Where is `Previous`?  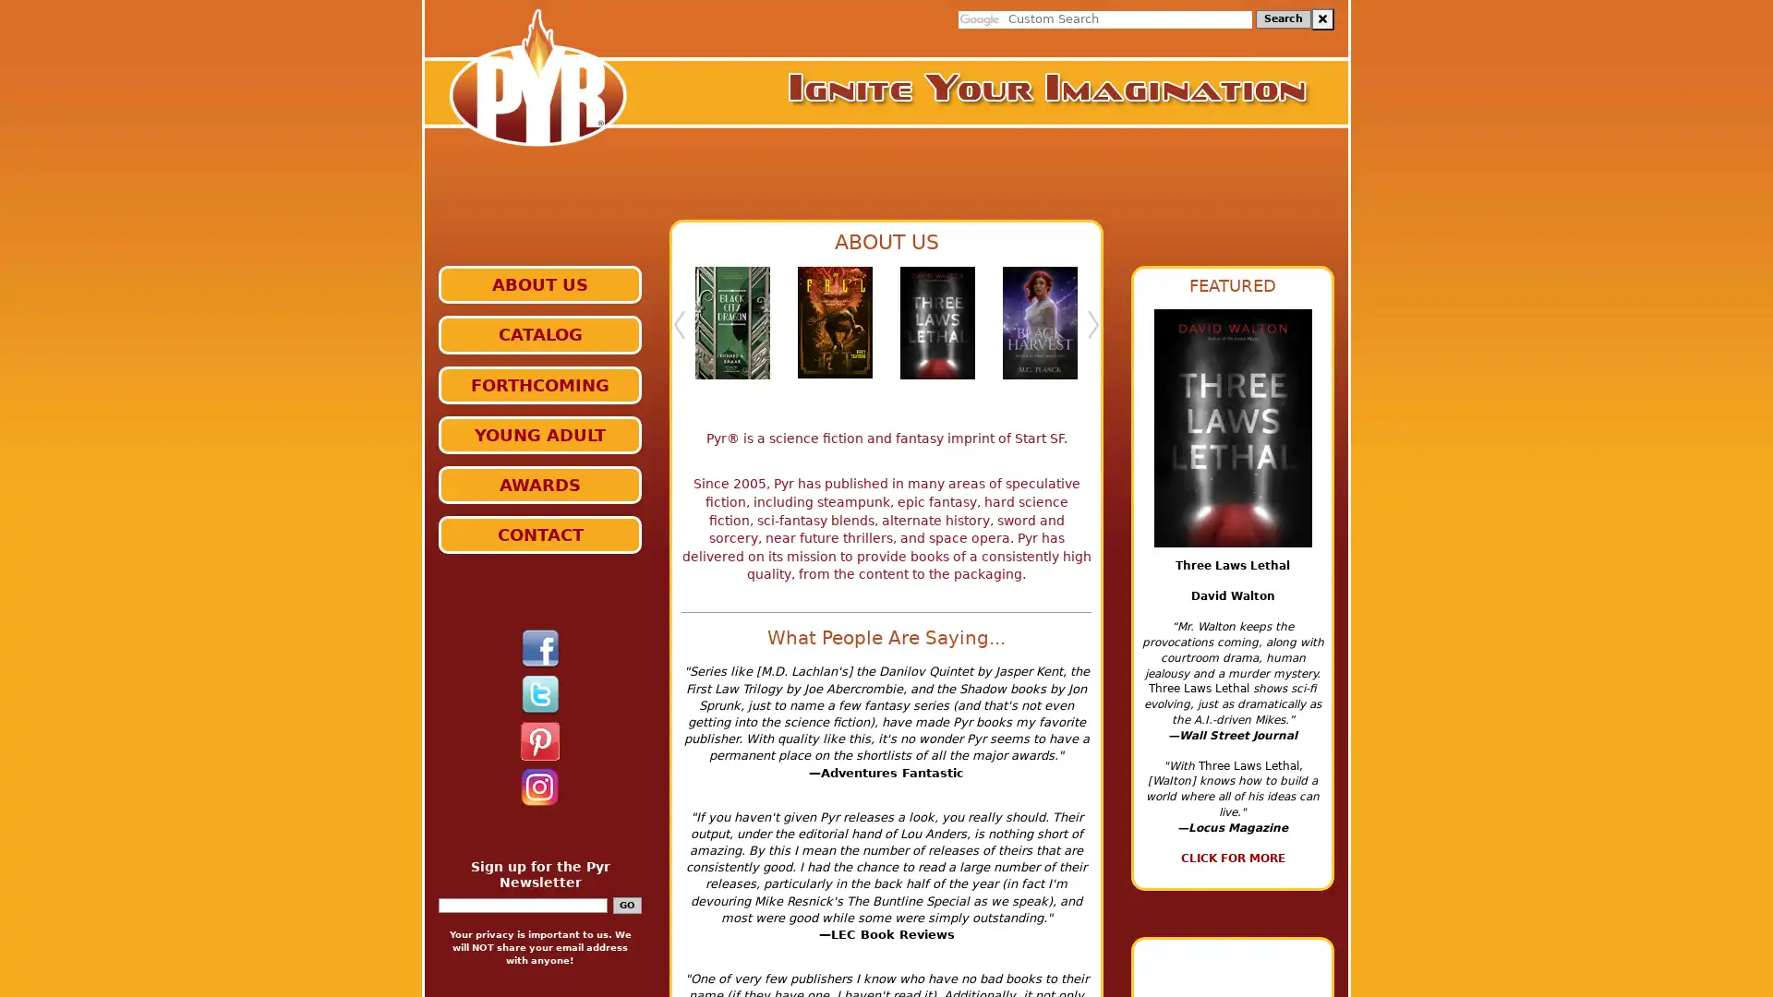 Previous is located at coordinates (678, 333).